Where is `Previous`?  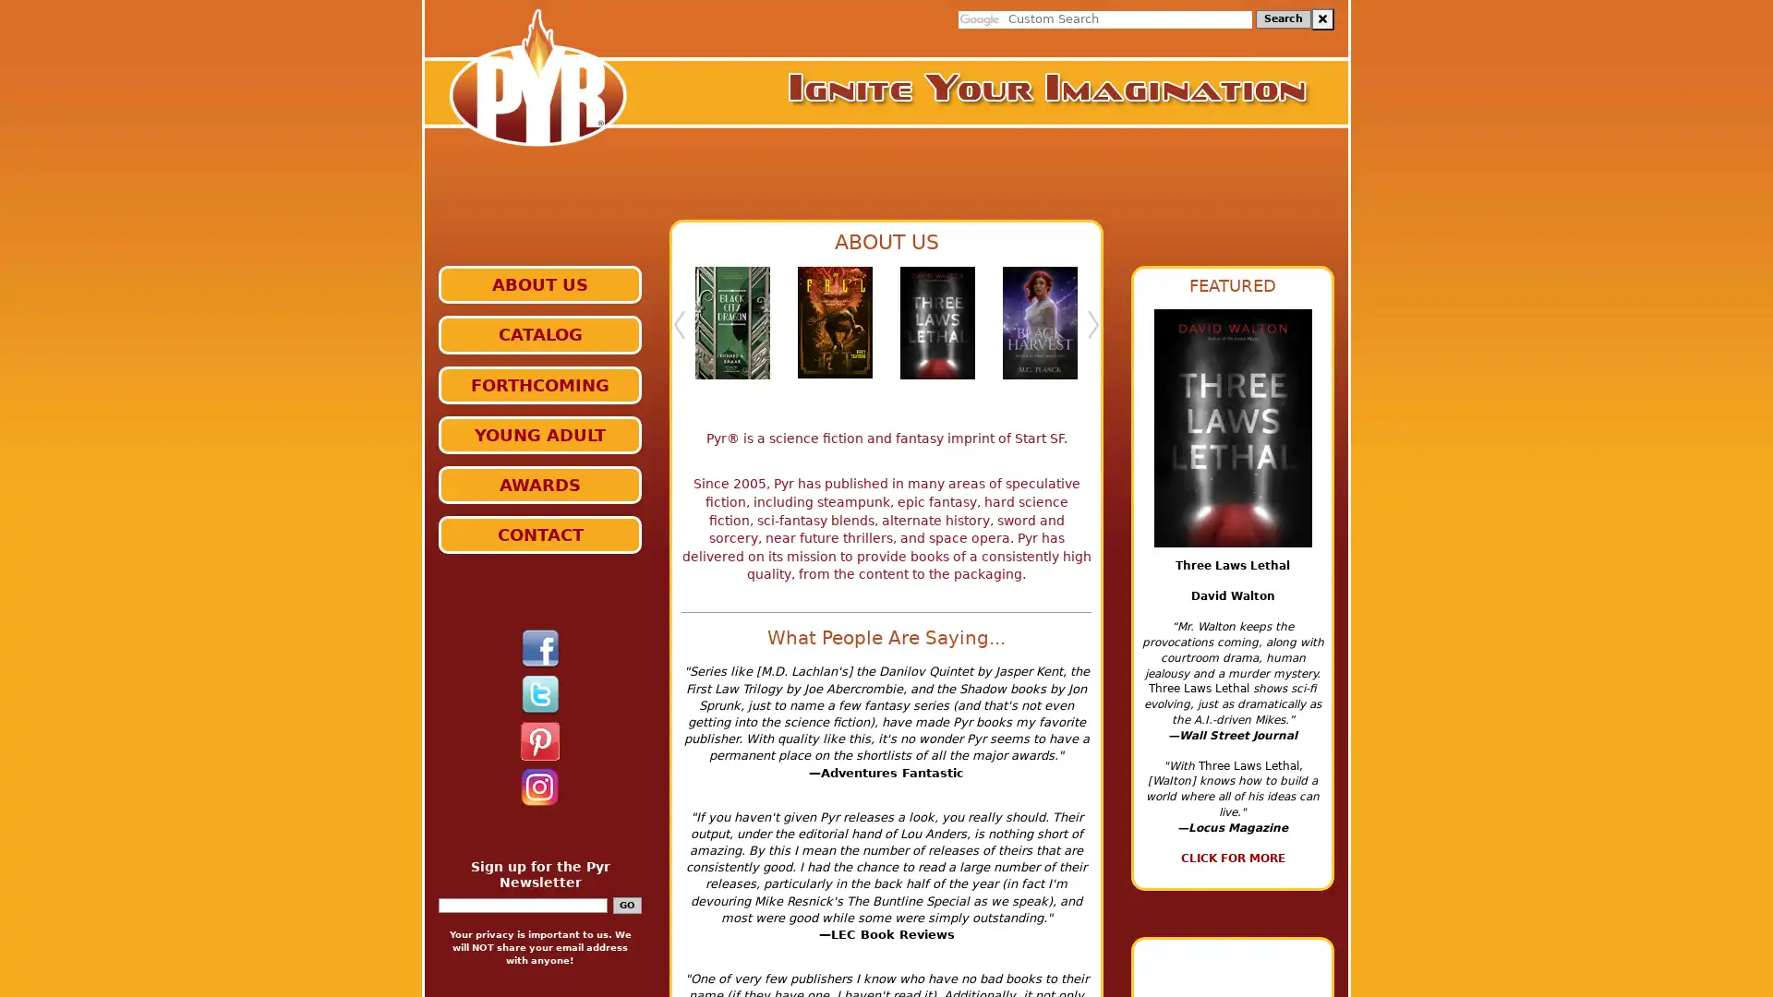 Previous is located at coordinates (678, 333).